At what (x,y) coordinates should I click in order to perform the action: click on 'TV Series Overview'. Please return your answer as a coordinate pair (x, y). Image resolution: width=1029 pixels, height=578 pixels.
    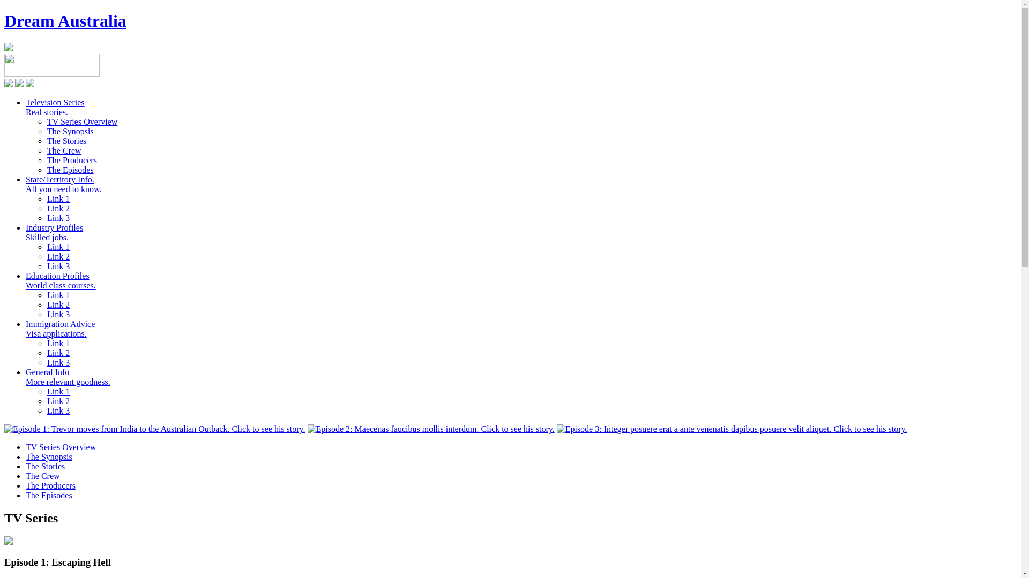
    Looking at the image, I should click on (81, 121).